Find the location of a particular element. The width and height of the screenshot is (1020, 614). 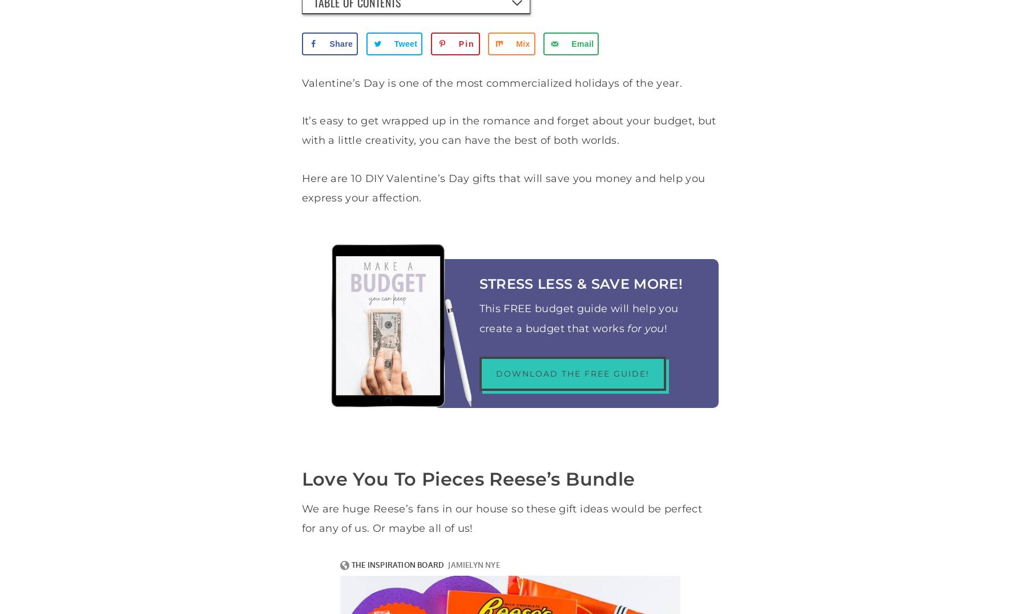

'Love You To Pieces Reese’s Bundle' is located at coordinates (468, 478).